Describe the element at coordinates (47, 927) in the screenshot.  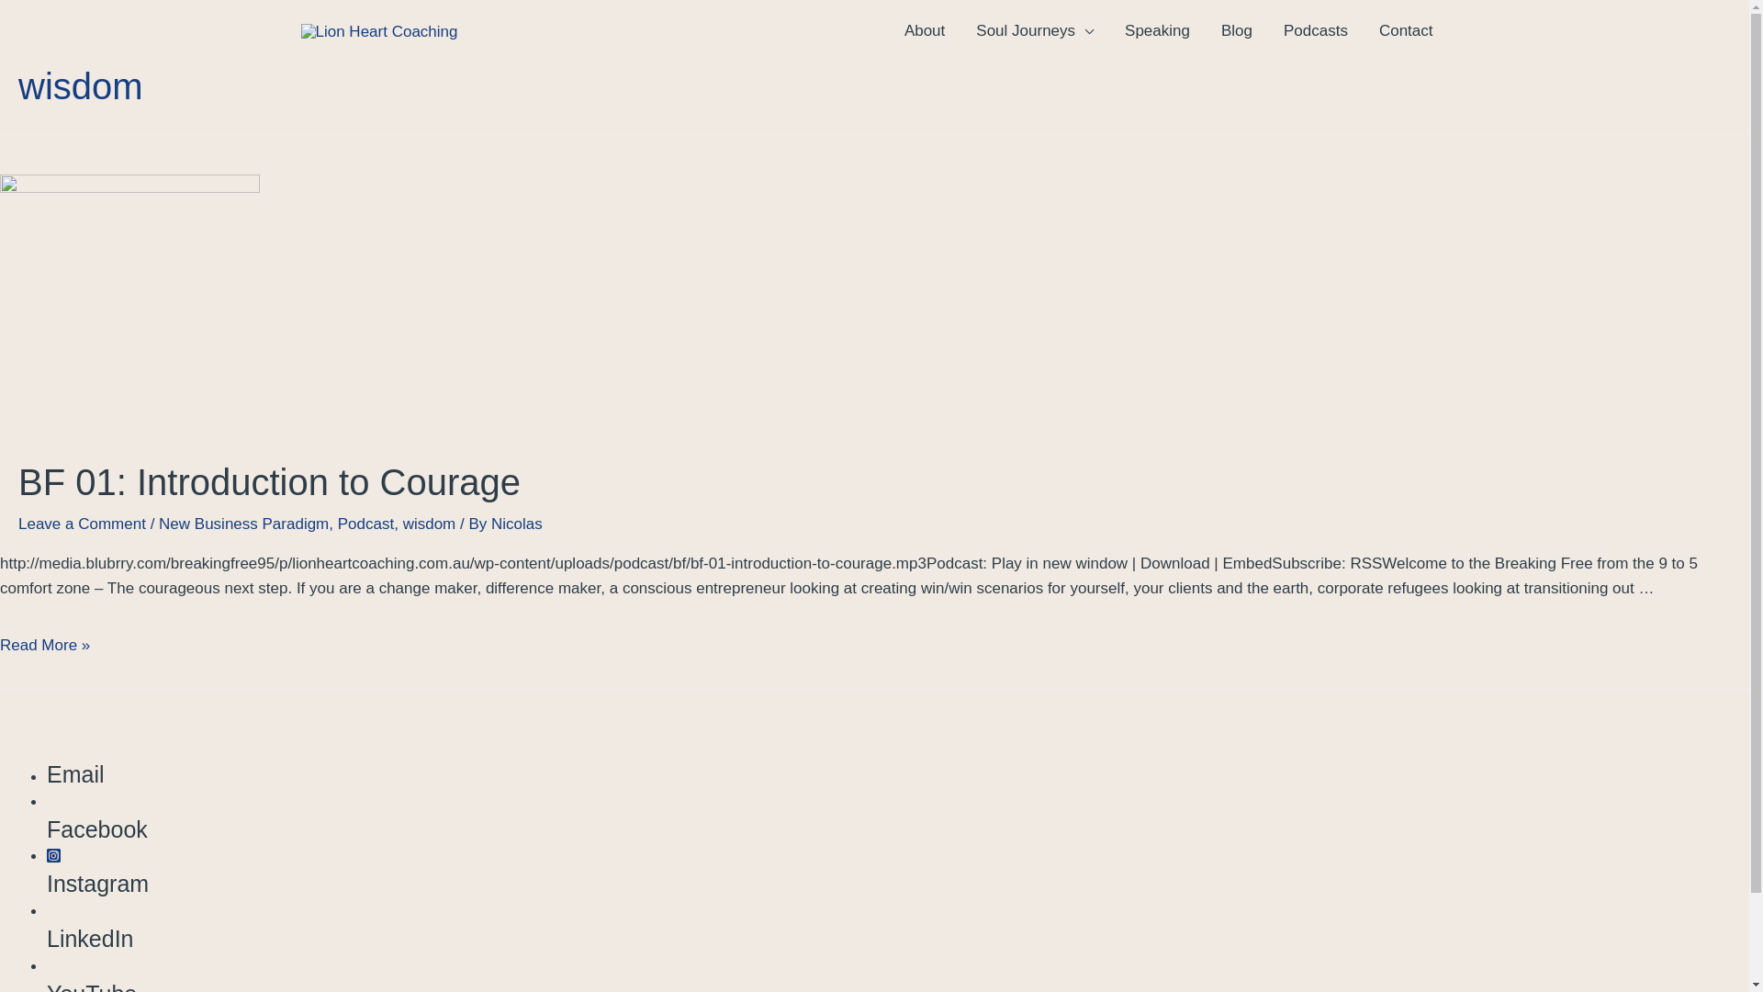
I see `'LinkedIn'` at that location.